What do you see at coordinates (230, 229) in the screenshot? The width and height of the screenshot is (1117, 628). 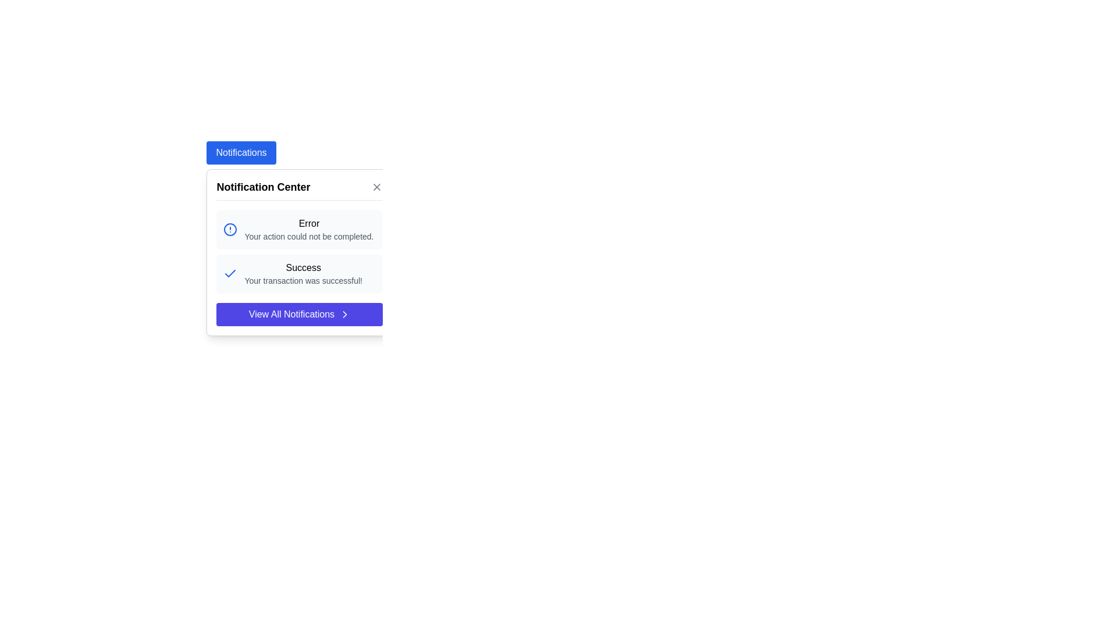 I see `the circular blue outlined icon with a vertical line at its center, which is located to the left of the 'Error' title in the notification card` at bounding box center [230, 229].